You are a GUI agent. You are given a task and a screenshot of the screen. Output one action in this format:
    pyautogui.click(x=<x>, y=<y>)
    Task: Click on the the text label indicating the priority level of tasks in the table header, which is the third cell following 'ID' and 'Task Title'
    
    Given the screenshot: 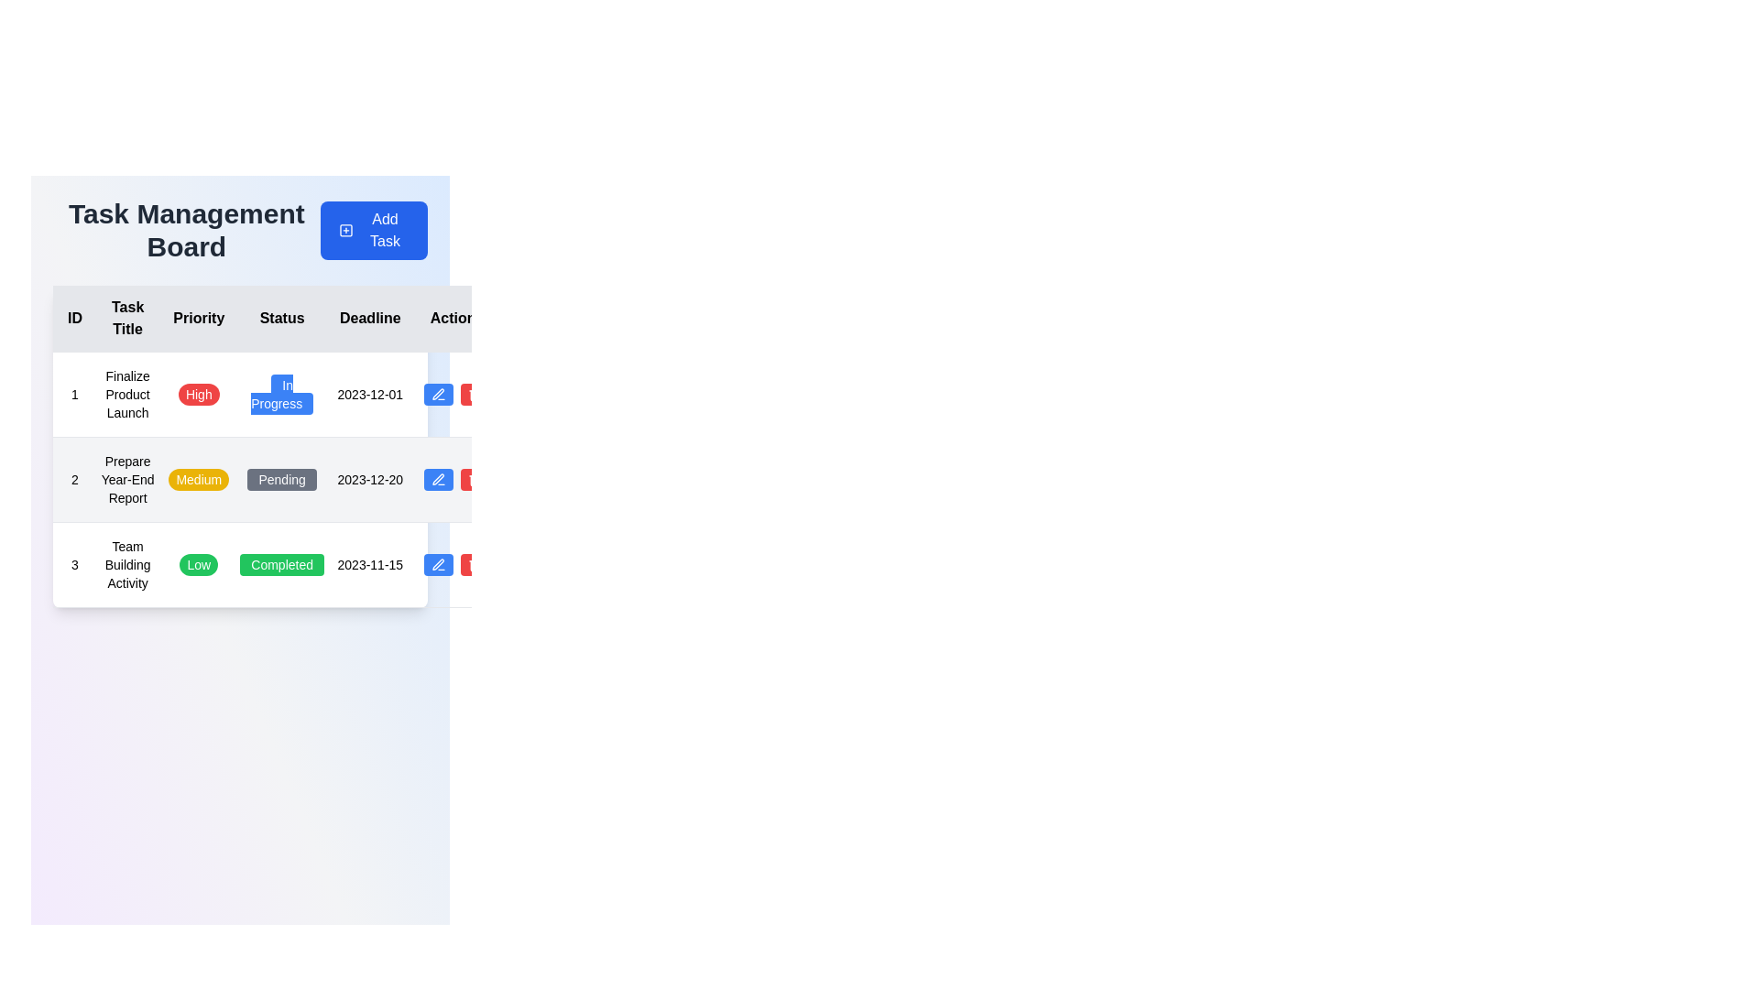 What is the action you would take?
    pyautogui.click(x=199, y=318)
    